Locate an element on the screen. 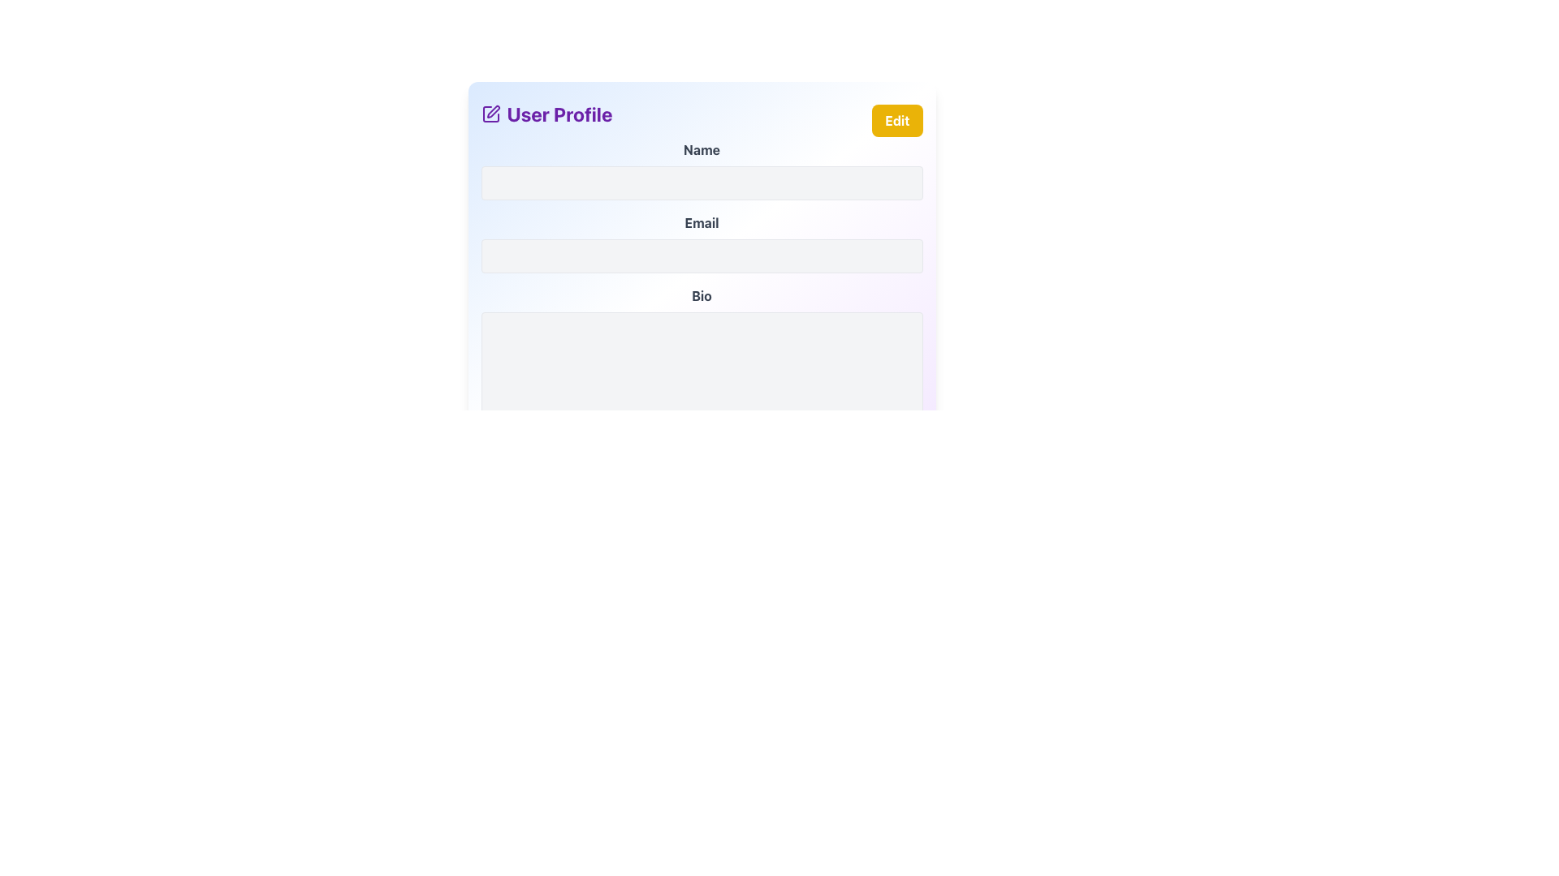 This screenshot has height=876, width=1559. the bold label with the text 'Name' that is styled in gray and positioned above the text input box in the user profile form is located at coordinates (702, 150).